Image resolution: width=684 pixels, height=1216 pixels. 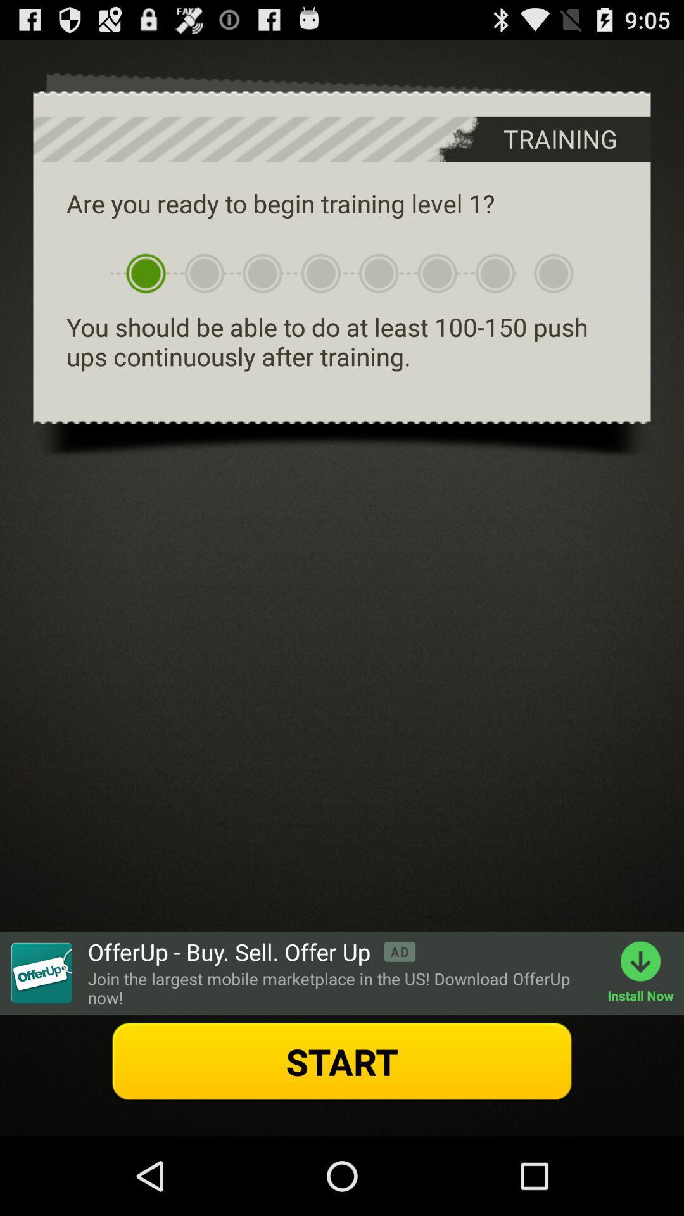 What do you see at coordinates (41, 1041) in the screenshot?
I see `the label icon` at bounding box center [41, 1041].